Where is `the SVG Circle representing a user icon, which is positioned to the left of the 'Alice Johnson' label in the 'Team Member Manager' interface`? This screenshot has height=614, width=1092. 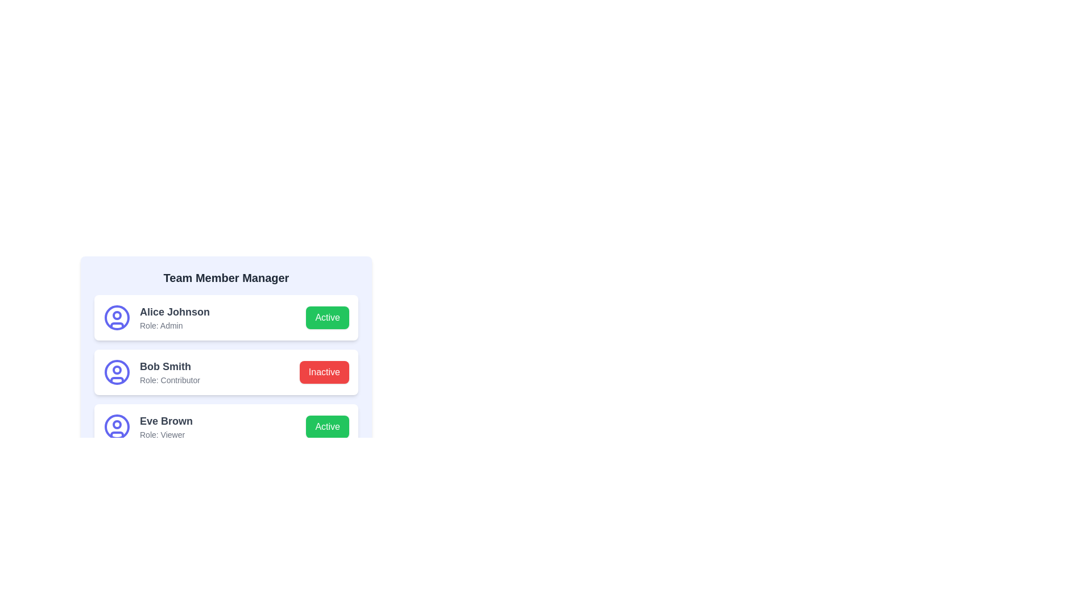 the SVG Circle representing a user icon, which is positioned to the left of the 'Alice Johnson' label in the 'Team Member Manager' interface is located at coordinates (117, 318).